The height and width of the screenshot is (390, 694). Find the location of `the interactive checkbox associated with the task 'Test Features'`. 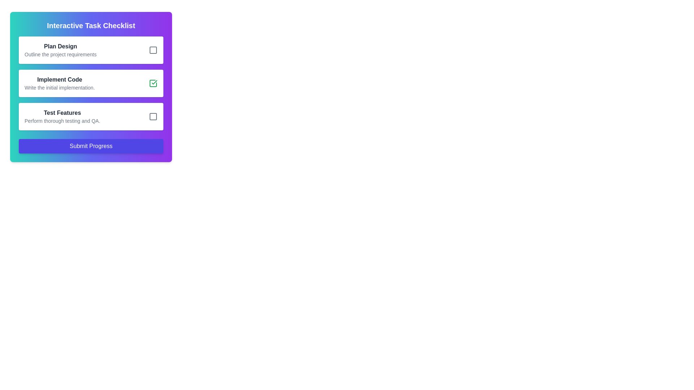

the interactive checkbox associated with the task 'Test Features' is located at coordinates (153, 116).